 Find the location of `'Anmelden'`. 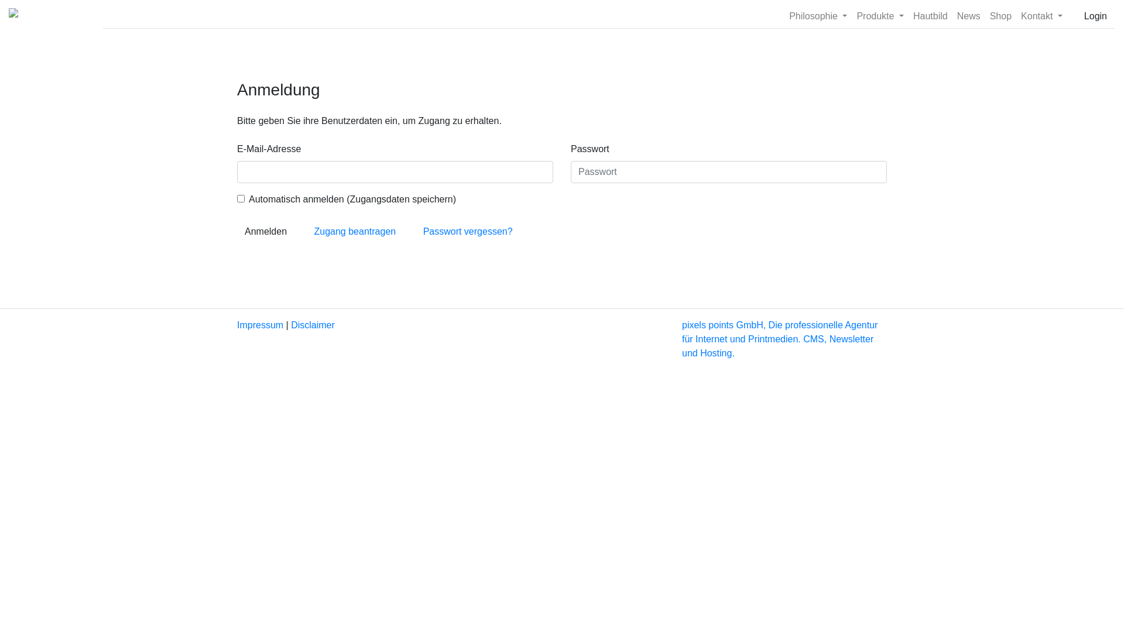

'Anmelden' is located at coordinates (236, 232).